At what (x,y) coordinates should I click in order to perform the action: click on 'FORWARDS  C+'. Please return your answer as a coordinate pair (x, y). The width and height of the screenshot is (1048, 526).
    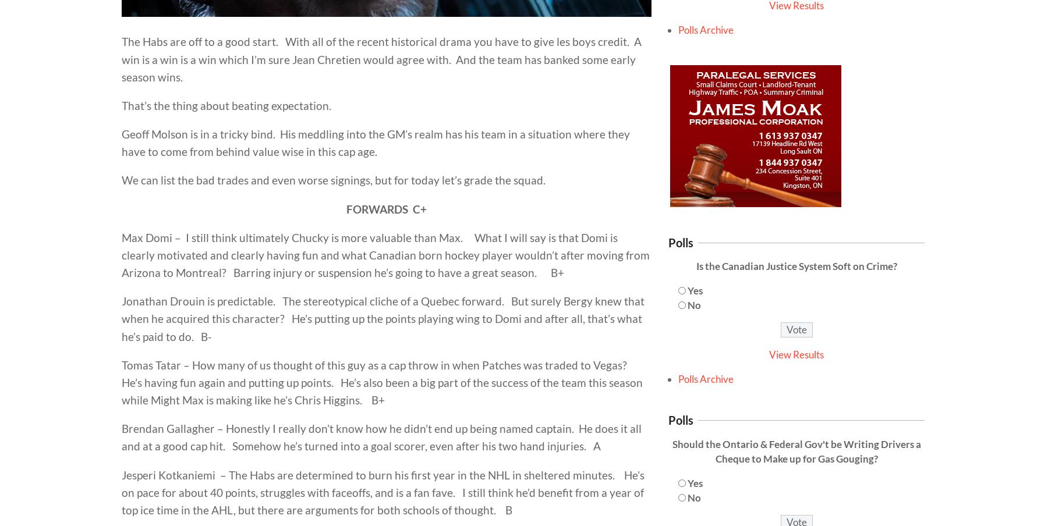
    Looking at the image, I should click on (387, 208).